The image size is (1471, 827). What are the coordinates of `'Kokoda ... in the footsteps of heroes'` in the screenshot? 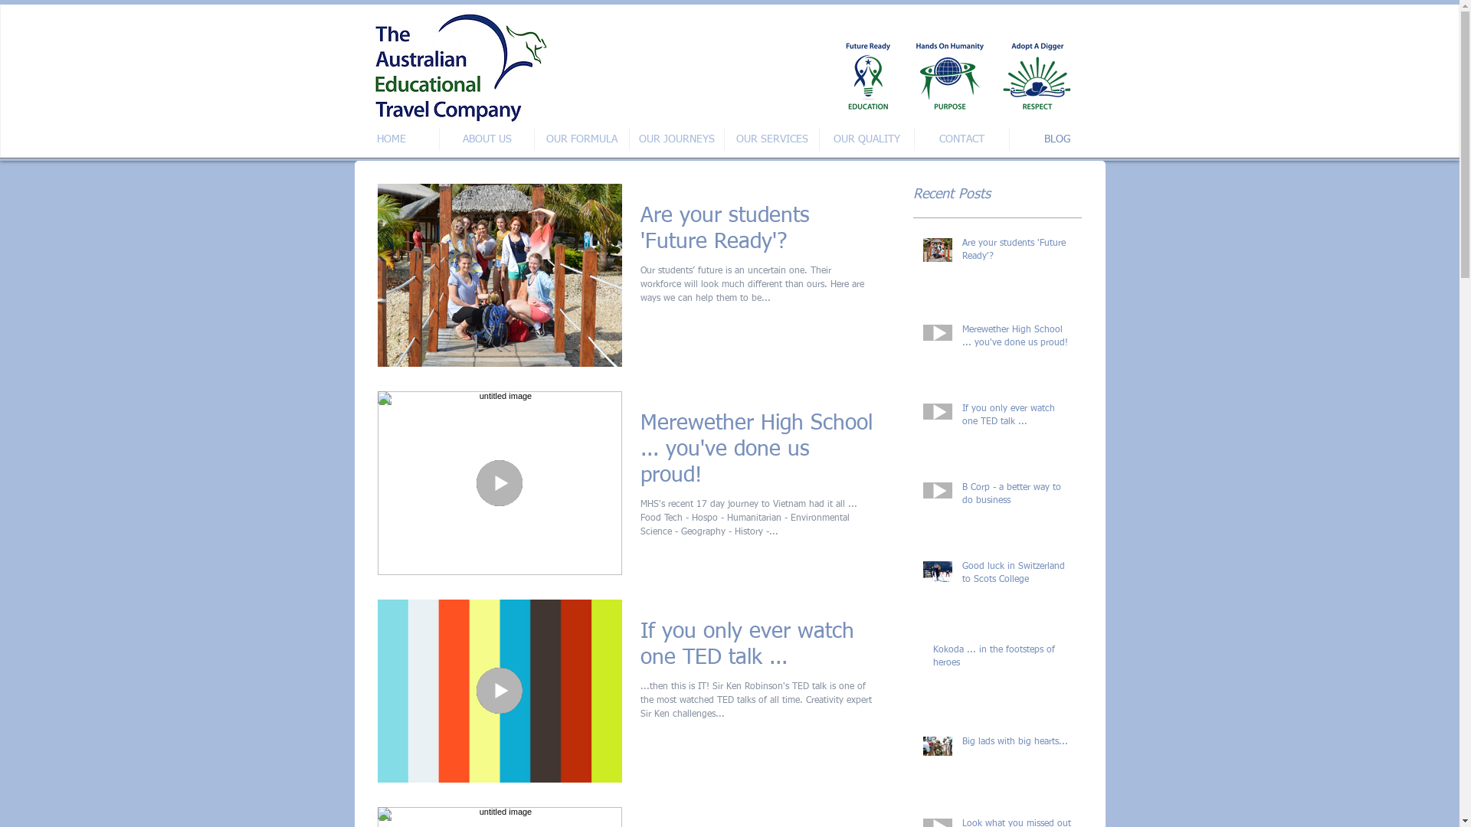 It's located at (1003, 659).